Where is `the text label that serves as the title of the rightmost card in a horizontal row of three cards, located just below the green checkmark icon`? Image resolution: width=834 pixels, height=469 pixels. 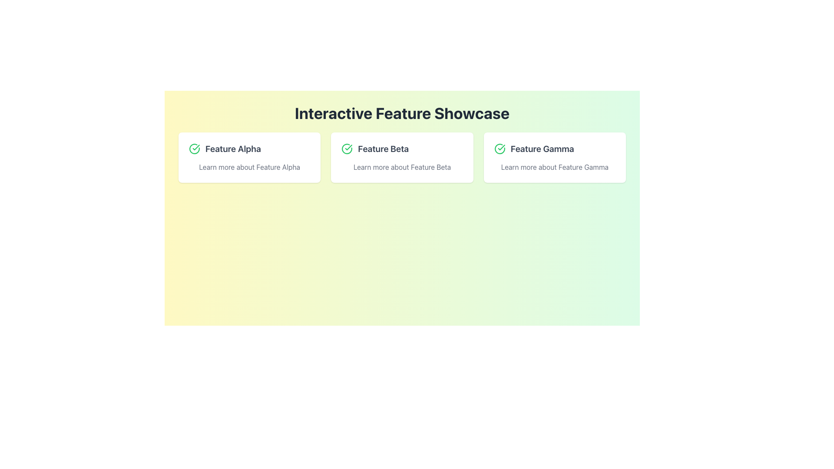 the text label that serves as the title of the rightmost card in a horizontal row of three cards, located just below the green checkmark icon is located at coordinates (554, 149).